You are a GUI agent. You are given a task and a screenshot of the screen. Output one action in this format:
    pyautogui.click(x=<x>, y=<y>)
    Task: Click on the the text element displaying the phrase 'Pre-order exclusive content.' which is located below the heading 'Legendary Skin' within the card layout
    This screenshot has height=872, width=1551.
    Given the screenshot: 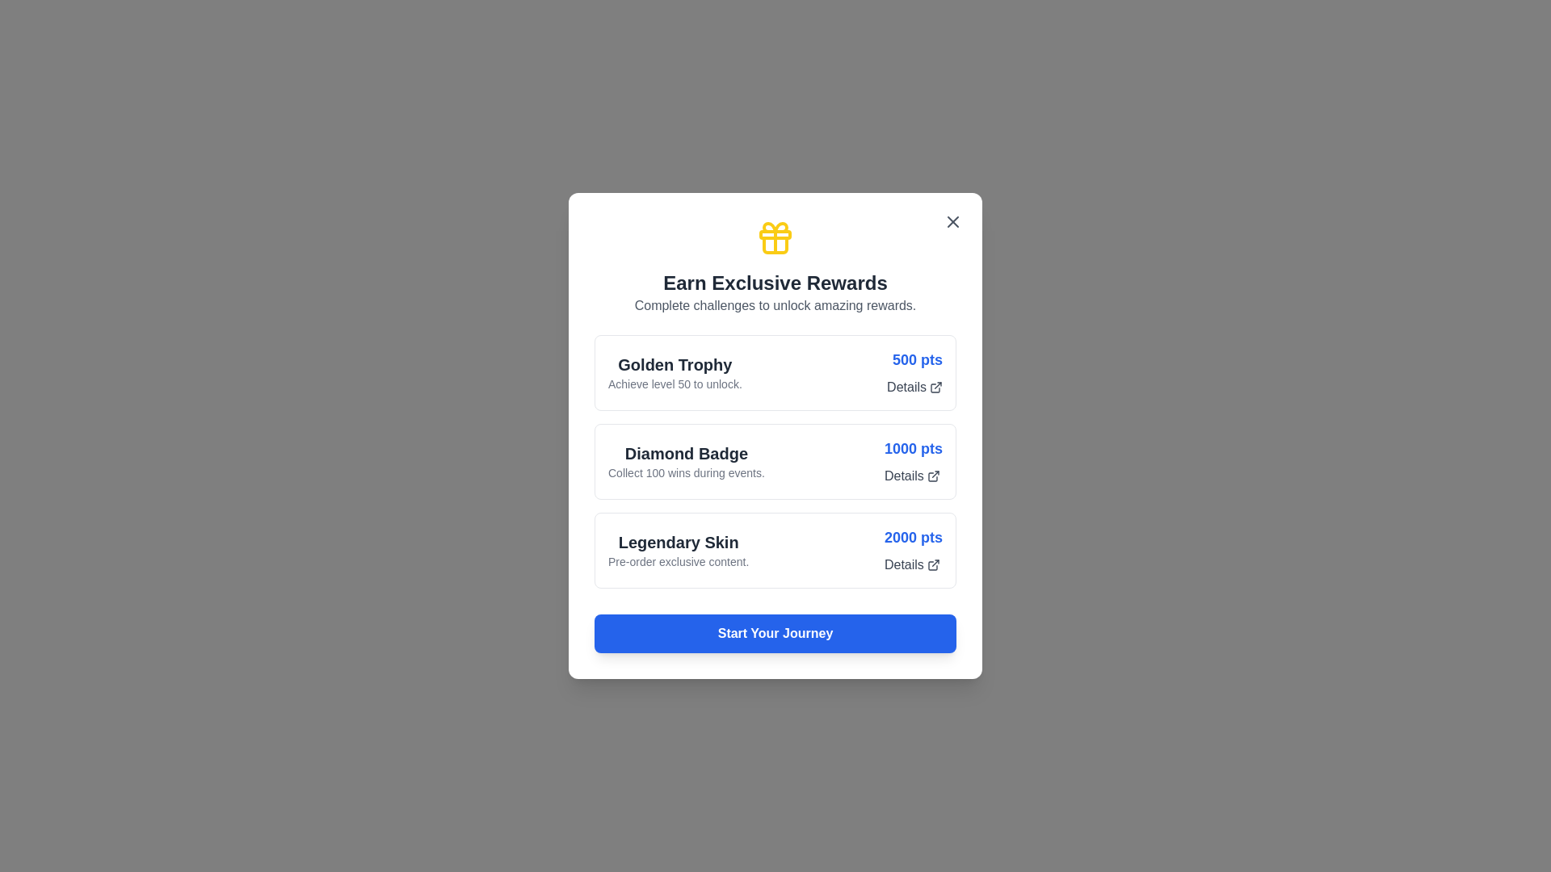 What is the action you would take?
    pyautogui.click(x=679, y=560)
    